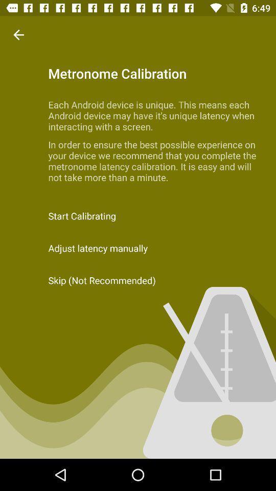 This screenshot has height=491, width=276. Describe the element at coordinates (18, 35) in the screenshot. I see `the item above the start calibrating` at that location.